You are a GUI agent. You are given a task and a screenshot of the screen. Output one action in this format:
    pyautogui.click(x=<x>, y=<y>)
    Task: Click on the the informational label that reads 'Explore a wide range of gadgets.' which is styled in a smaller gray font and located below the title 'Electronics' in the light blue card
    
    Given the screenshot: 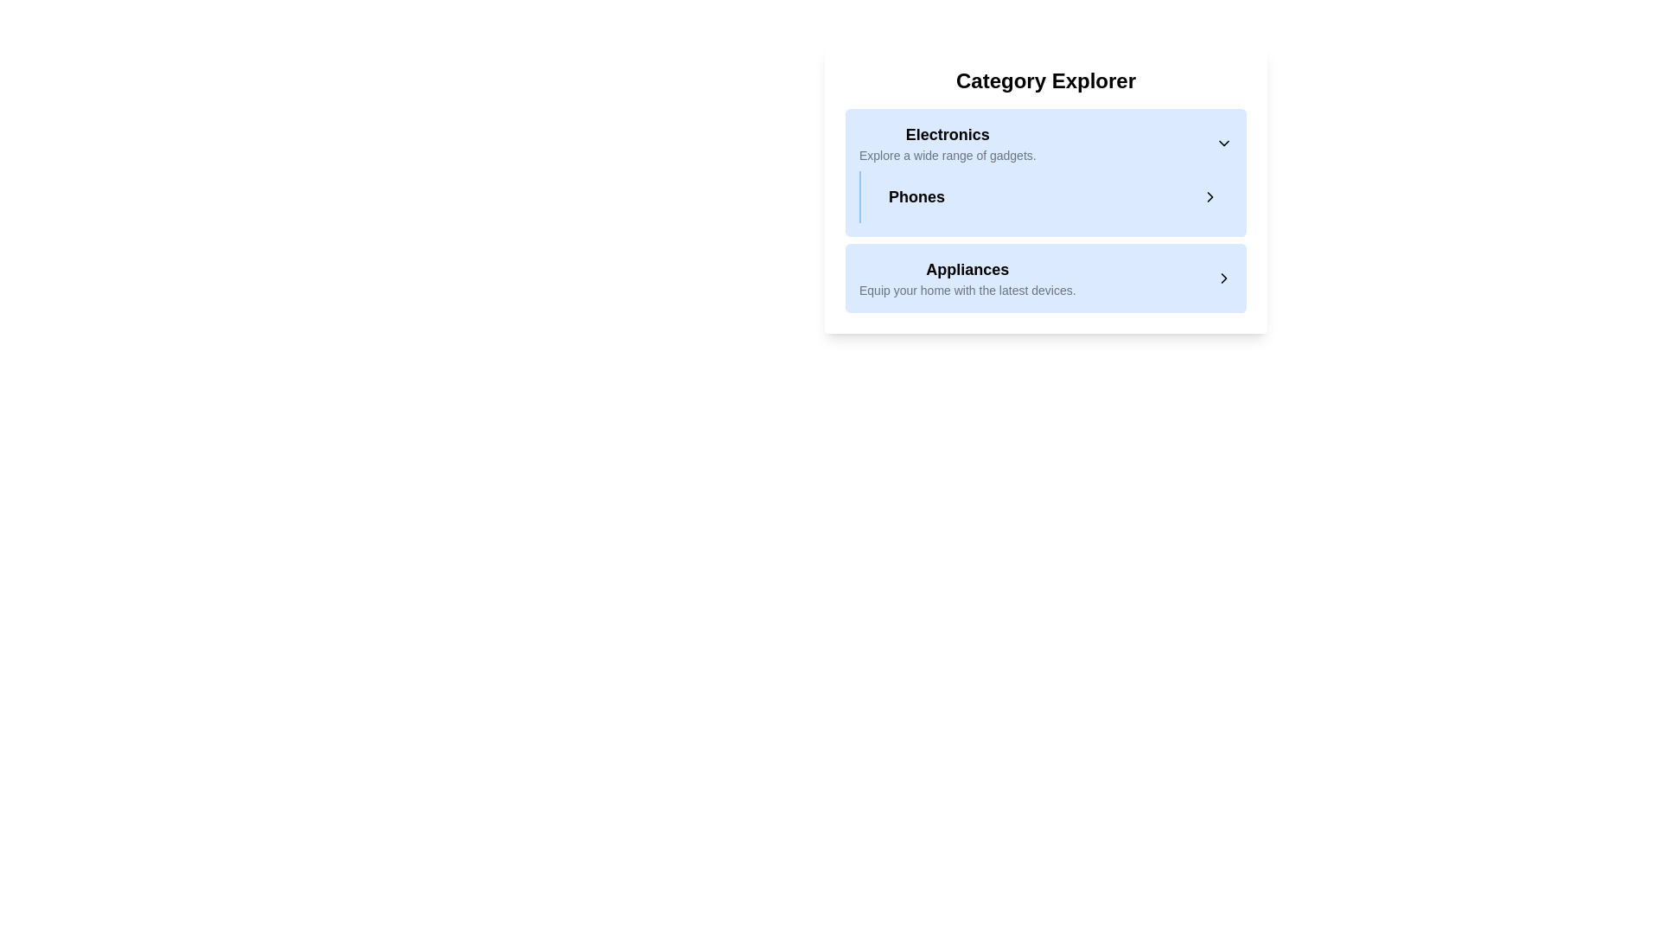 What is the action you would take?
    pyautogui.click(x=947, y=156)
    